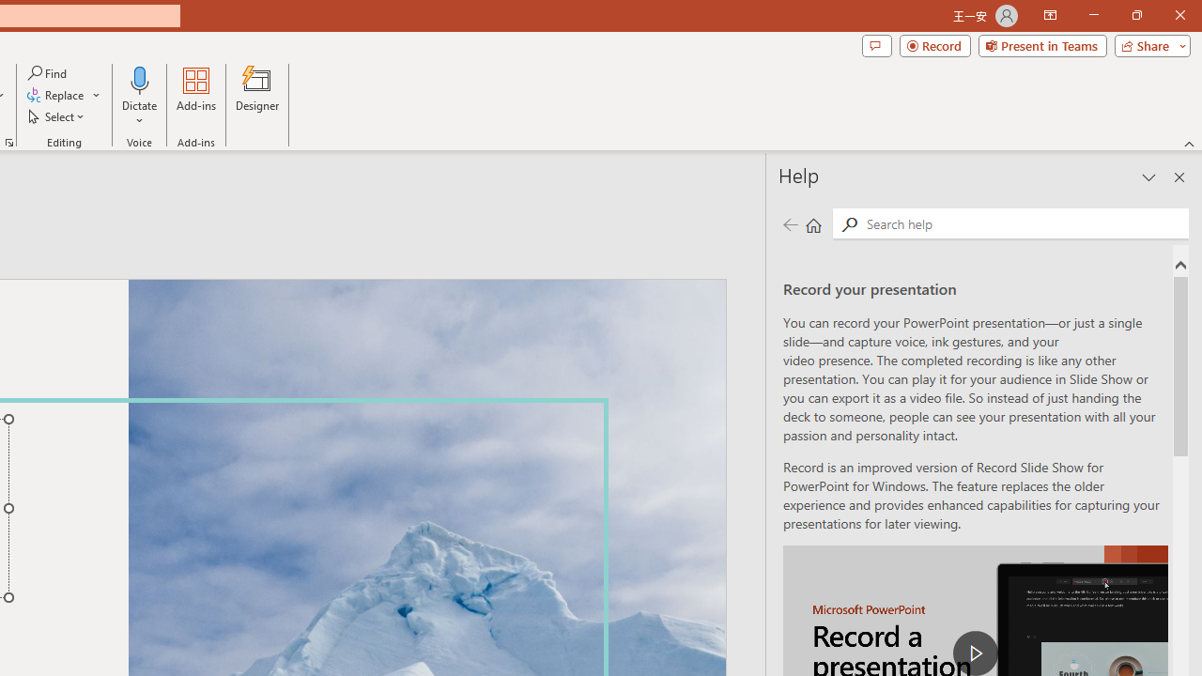  What do you see at coordinates (57, 116) in the screenshot?
I see `'Select'` at bounding box center [57, 116].